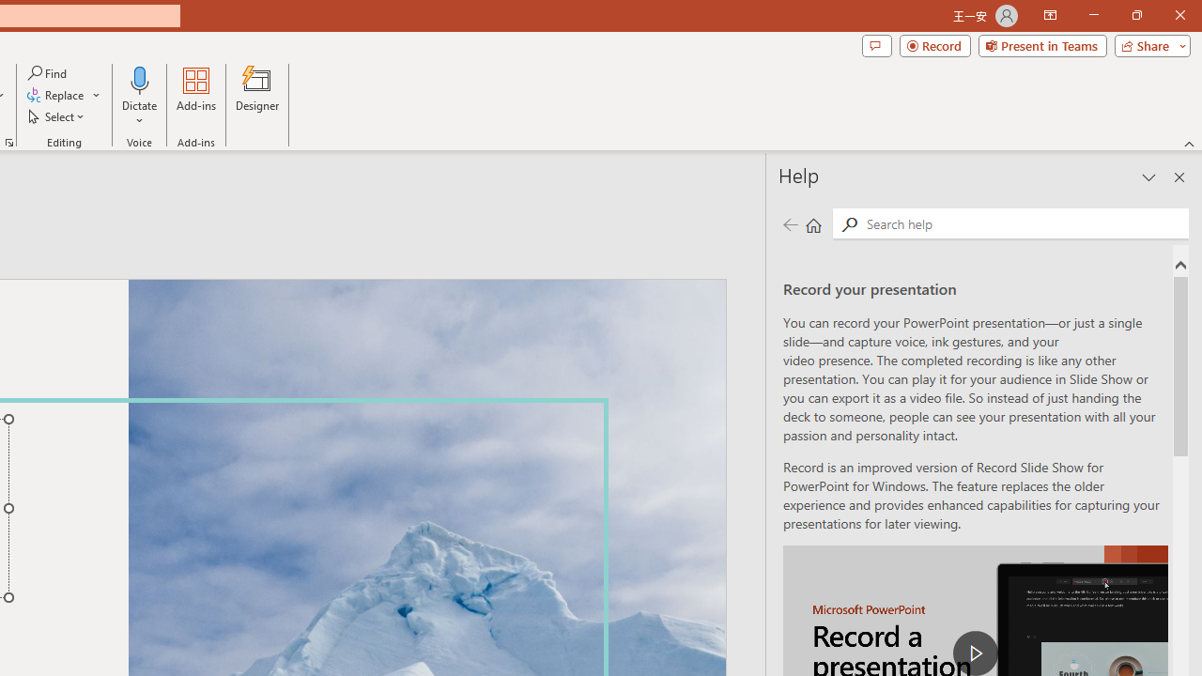  What do you see at coordinates (57, 116) in the screenshot?
I see `'Select'` at bounding box center [57, 116].